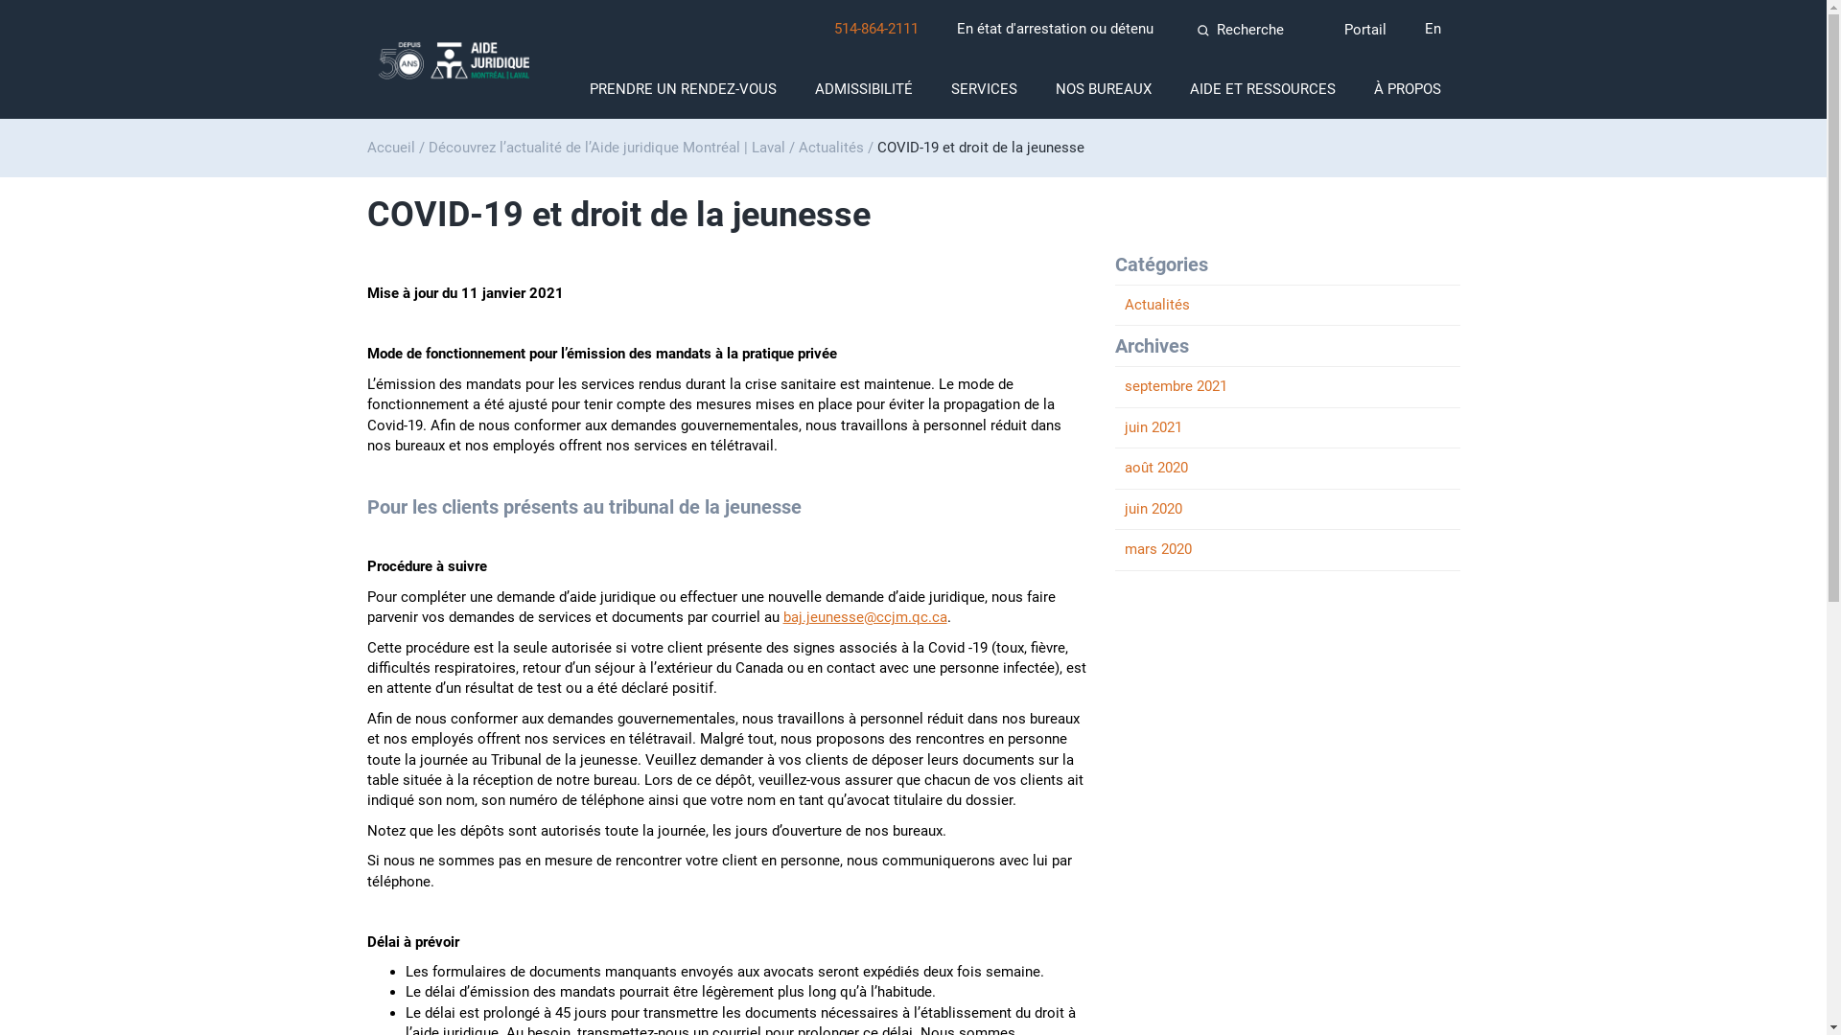  What do you see at coordinates (1361, 30) in the screenshot?
I see `'Portail'` at bounding box center [1361, 30].